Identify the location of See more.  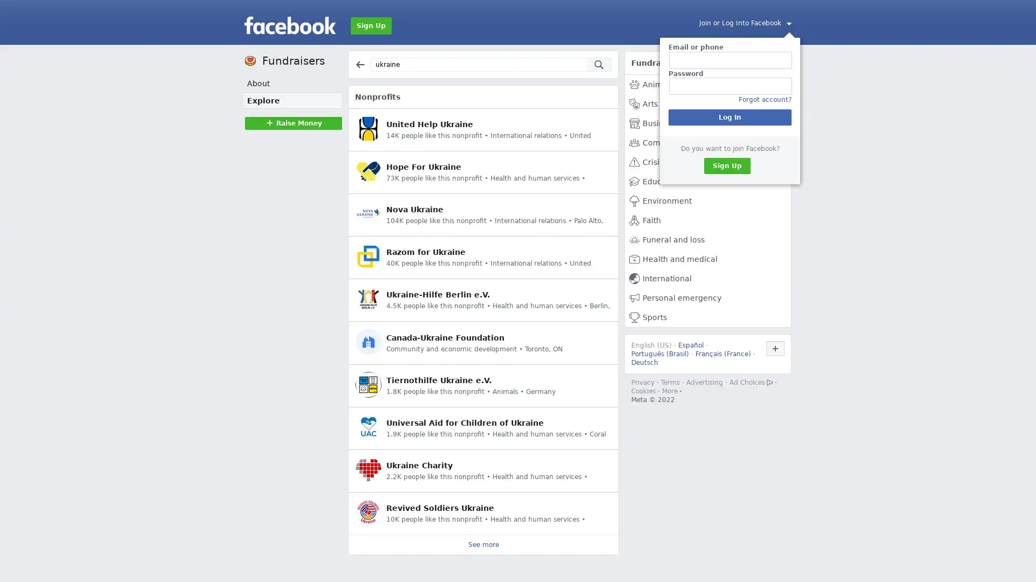
(483, 544).